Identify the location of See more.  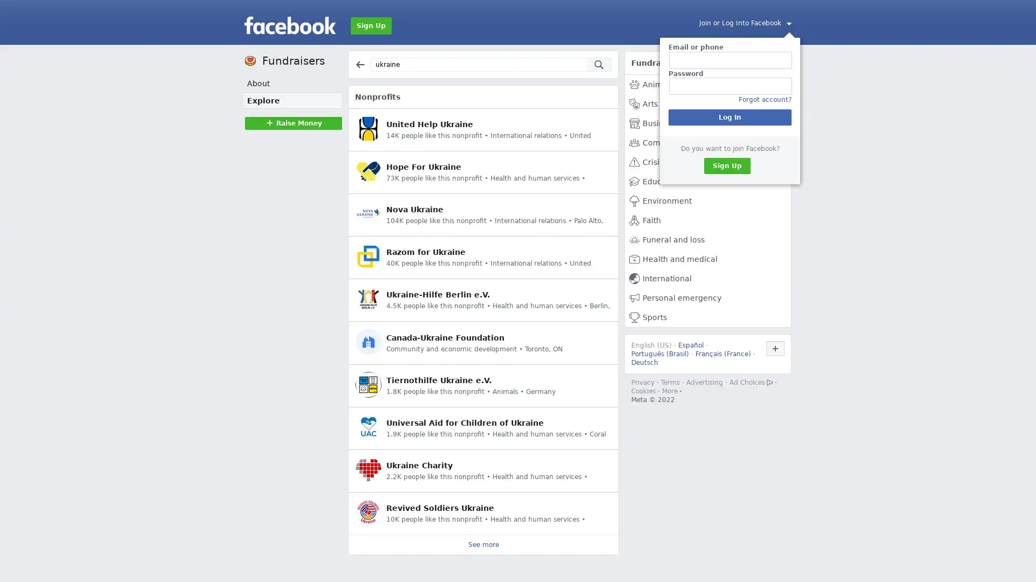
(483, 544).